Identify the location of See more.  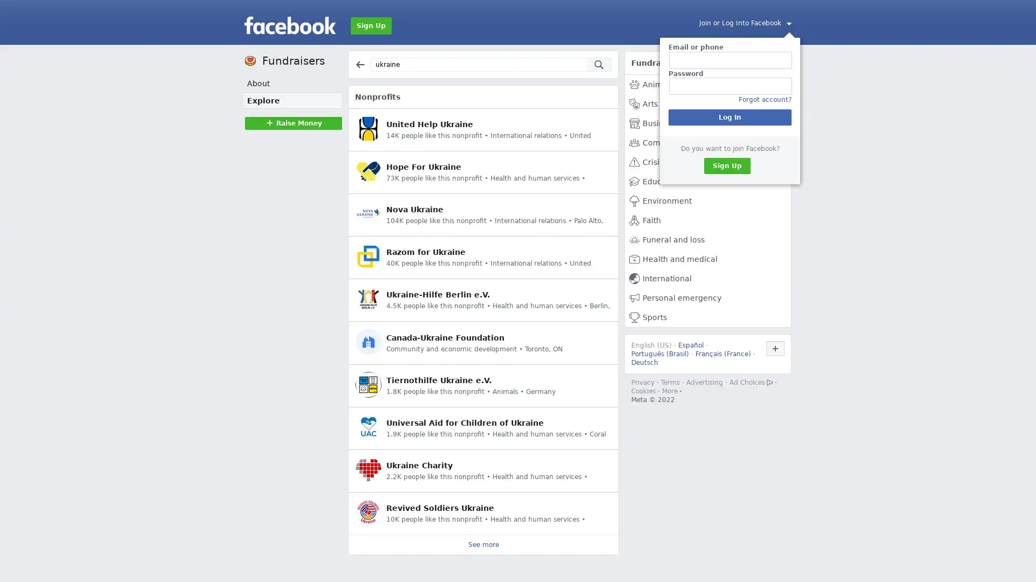
(483, 544).